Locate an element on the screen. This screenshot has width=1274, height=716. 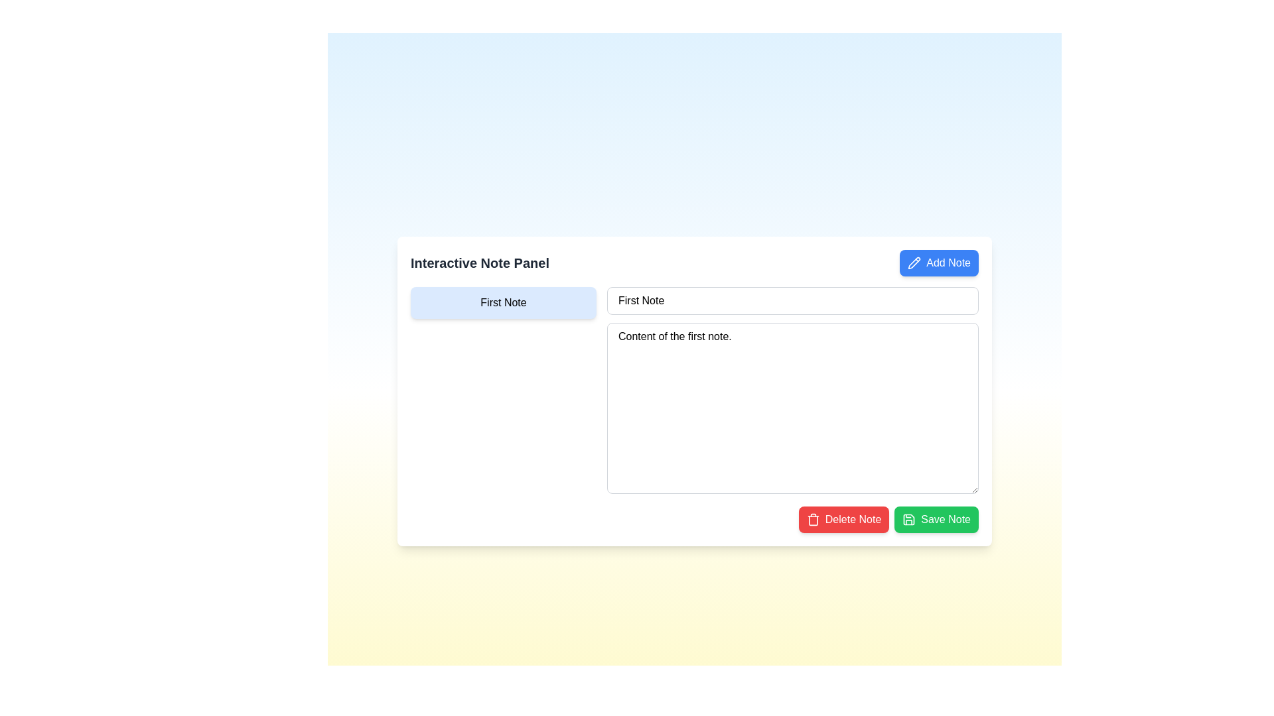
the trash can icon with a red background located to the left of the 'Delete Note' text to invoke the delete action is located at coordinates (812, 518).